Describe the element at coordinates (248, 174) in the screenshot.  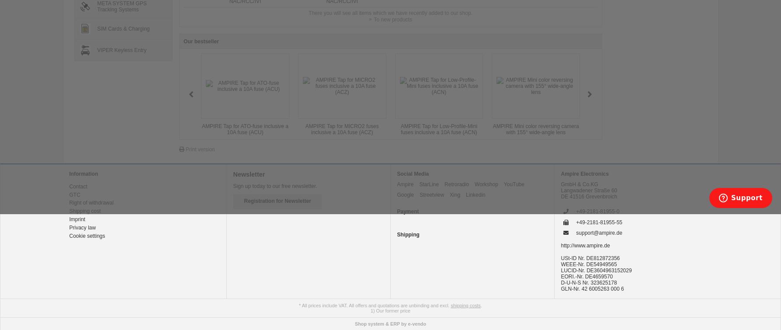
I see `'Newsletter'` at that location.